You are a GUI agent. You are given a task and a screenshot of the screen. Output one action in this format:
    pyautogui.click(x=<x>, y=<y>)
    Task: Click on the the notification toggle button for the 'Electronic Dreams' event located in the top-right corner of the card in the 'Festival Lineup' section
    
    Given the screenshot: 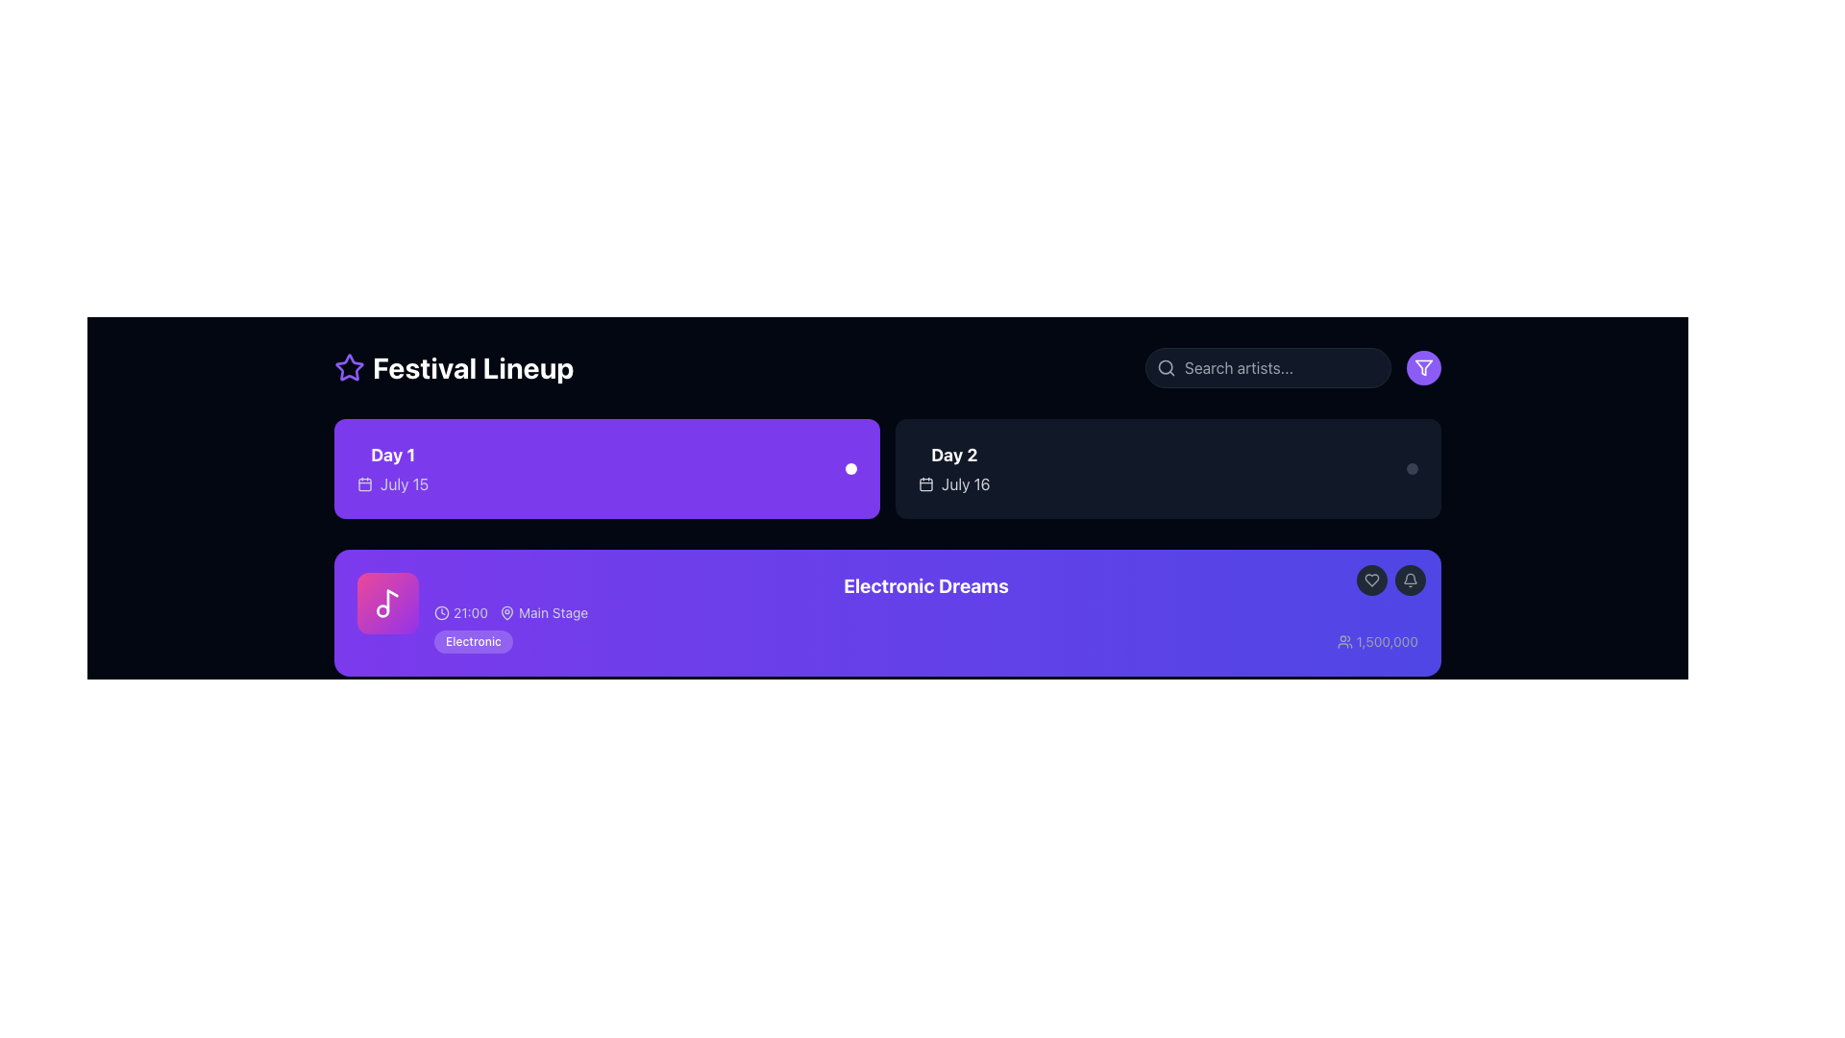 What is the action you would take?
    pyautogui.click(x=1391, y=580)
    